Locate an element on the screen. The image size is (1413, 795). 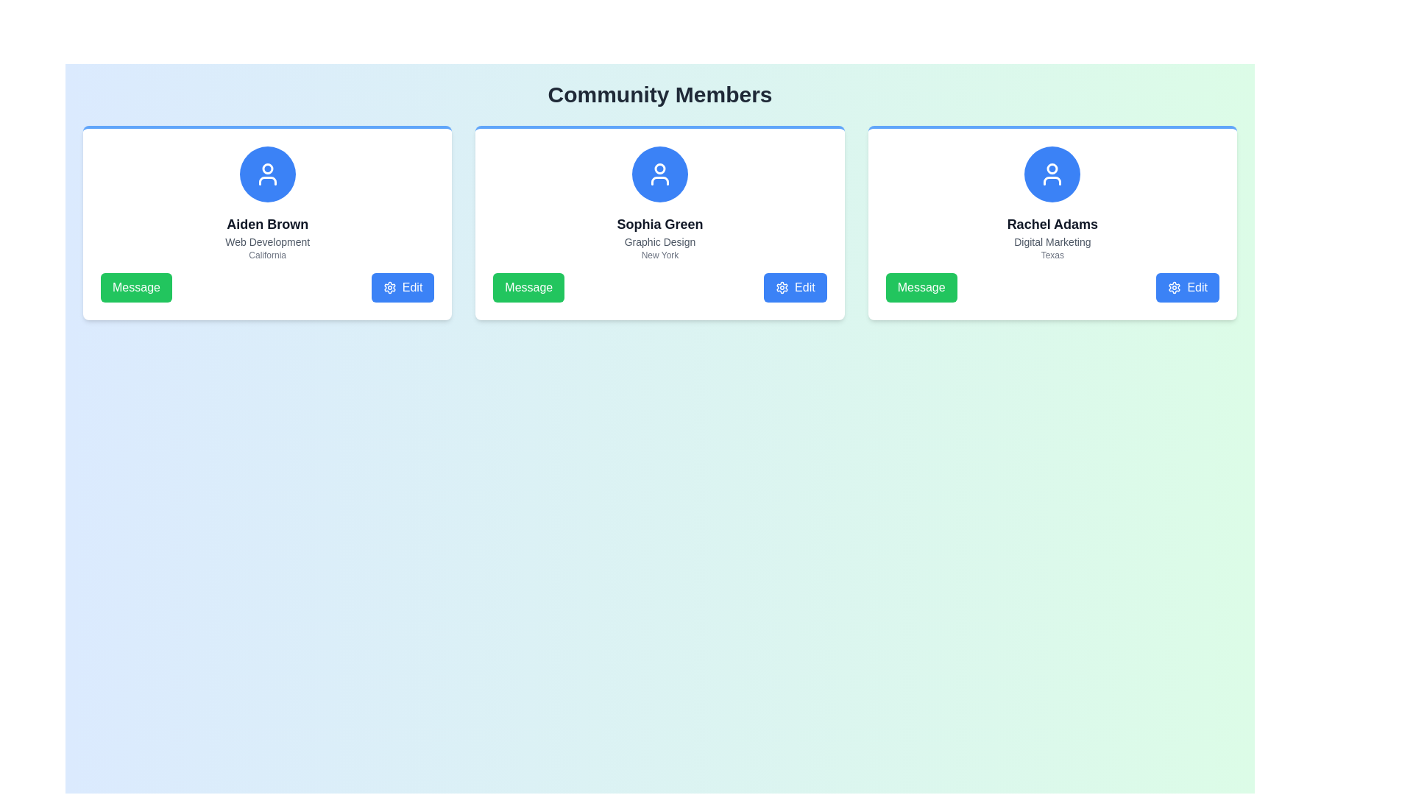
the 'Message' button, which is a vibrant green rectangular button with white text, located in the middle user profile card, positioned below the user profile for 'Sophia Green' is located at coordinates (528, 287).